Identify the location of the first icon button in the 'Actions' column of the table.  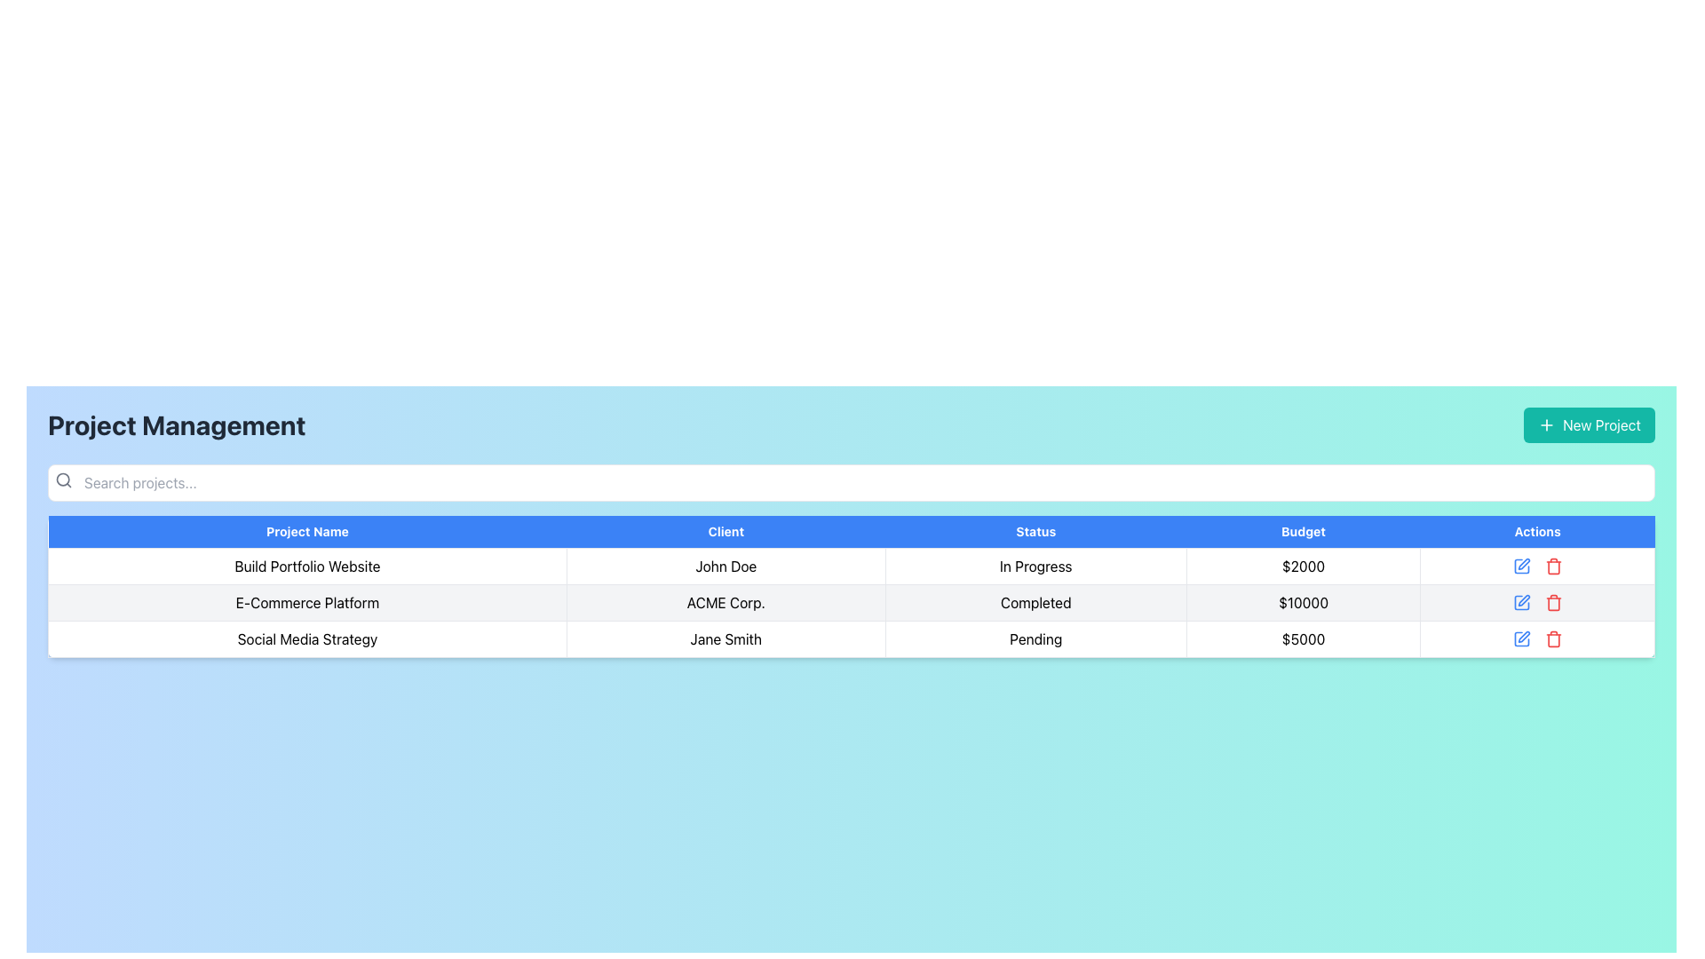
(1520, 566).